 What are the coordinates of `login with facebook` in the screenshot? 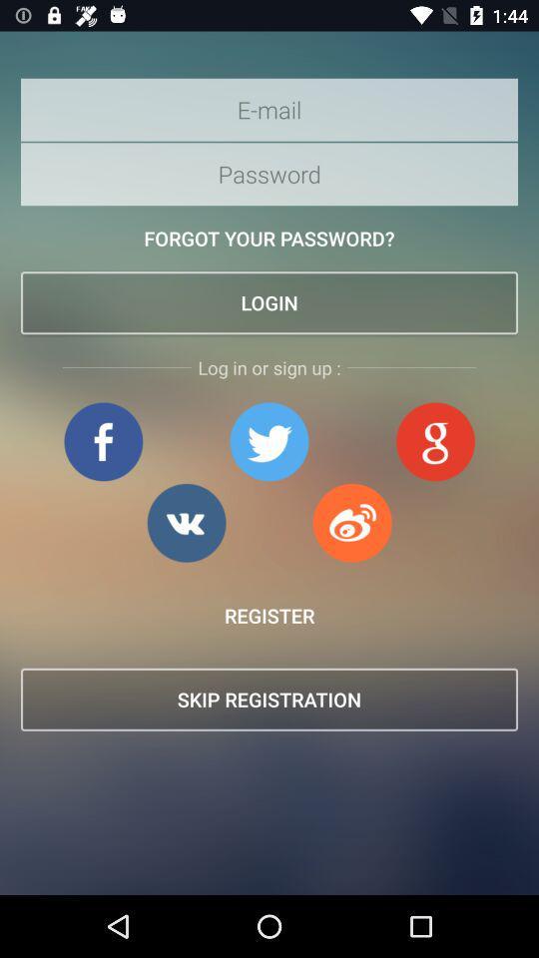 It's located at (103, 441).